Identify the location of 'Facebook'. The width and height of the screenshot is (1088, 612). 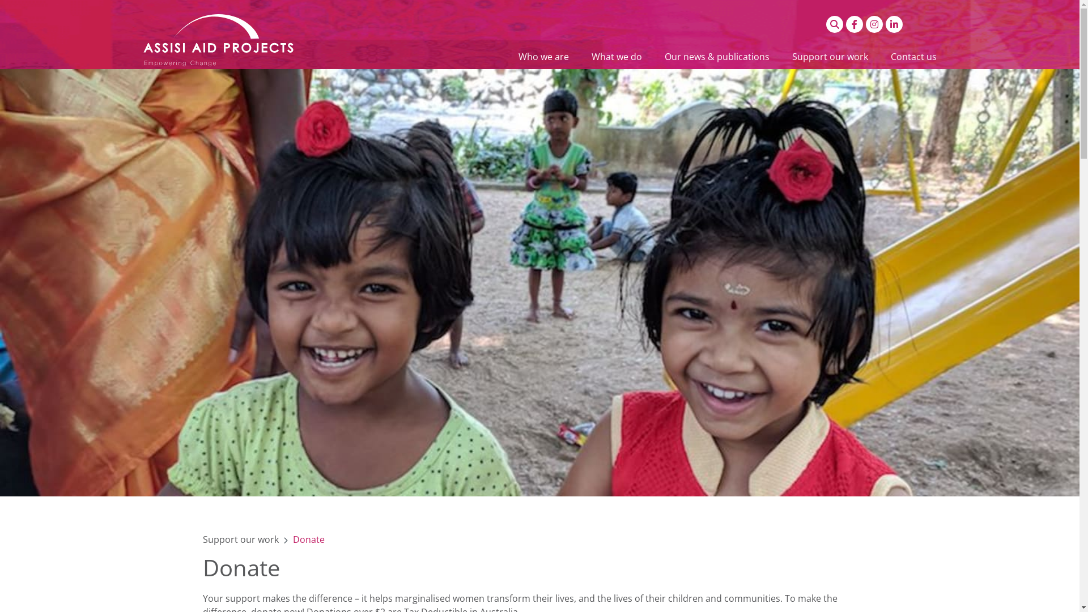
(854, 24).